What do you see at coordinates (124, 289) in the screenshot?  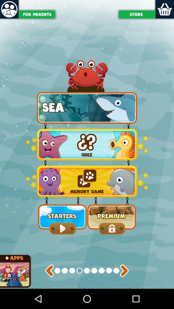 I see `the av_forward icon` at bounding box center [124, 289].